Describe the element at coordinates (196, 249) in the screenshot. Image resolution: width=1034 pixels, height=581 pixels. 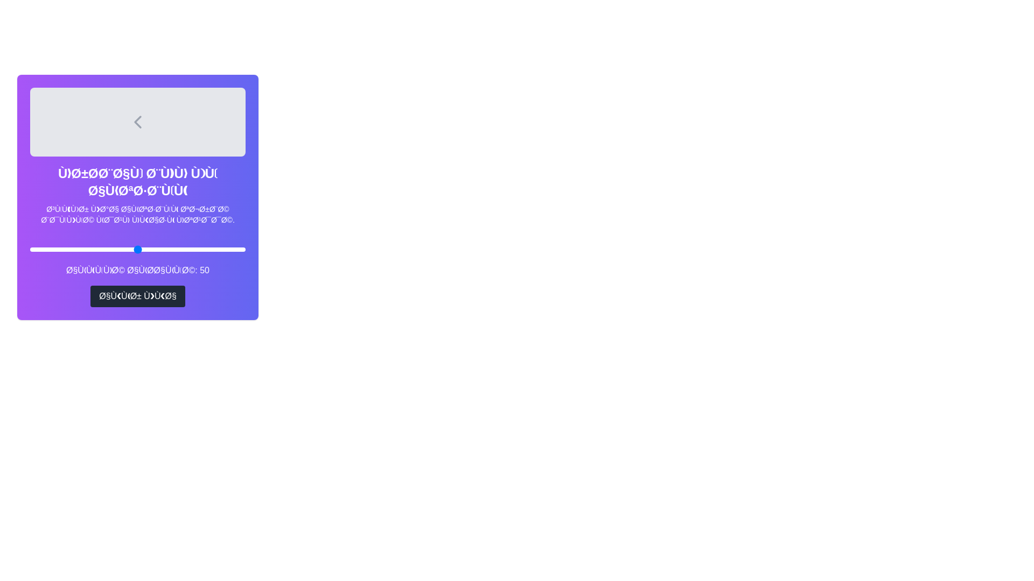
I see `the slider value` at that location.